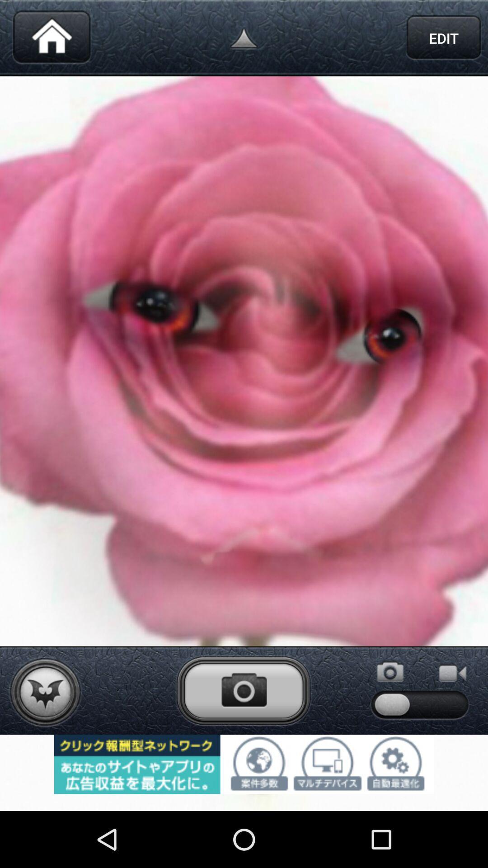 The height and width of the screenshot is (868, 488). Describe the element at coordinates (52, 38) in the screenshot. I see `go home` at that location.